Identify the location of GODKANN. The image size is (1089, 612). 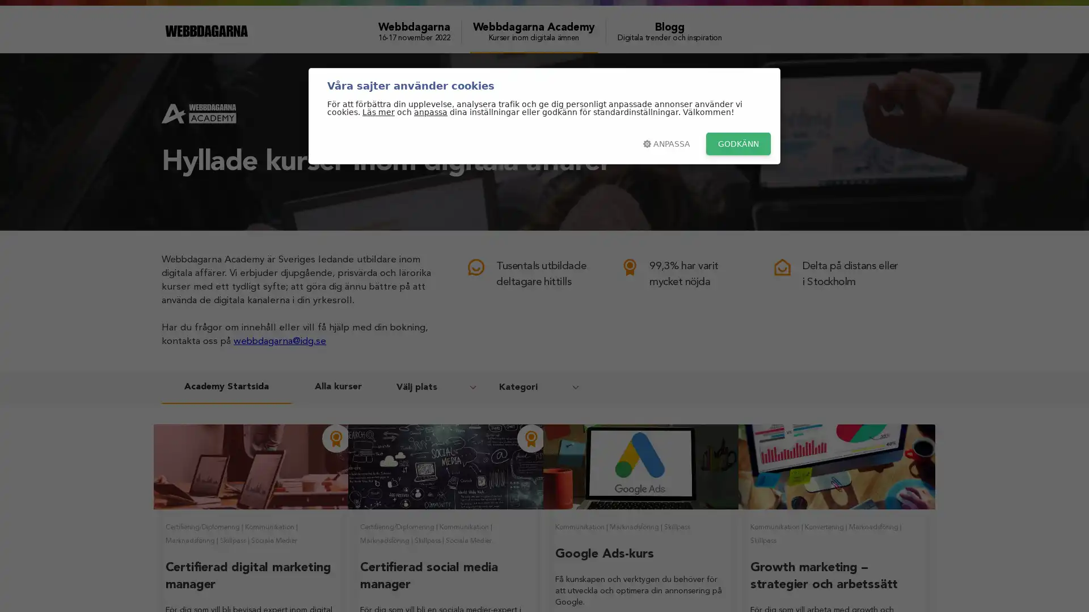
(738, 143).